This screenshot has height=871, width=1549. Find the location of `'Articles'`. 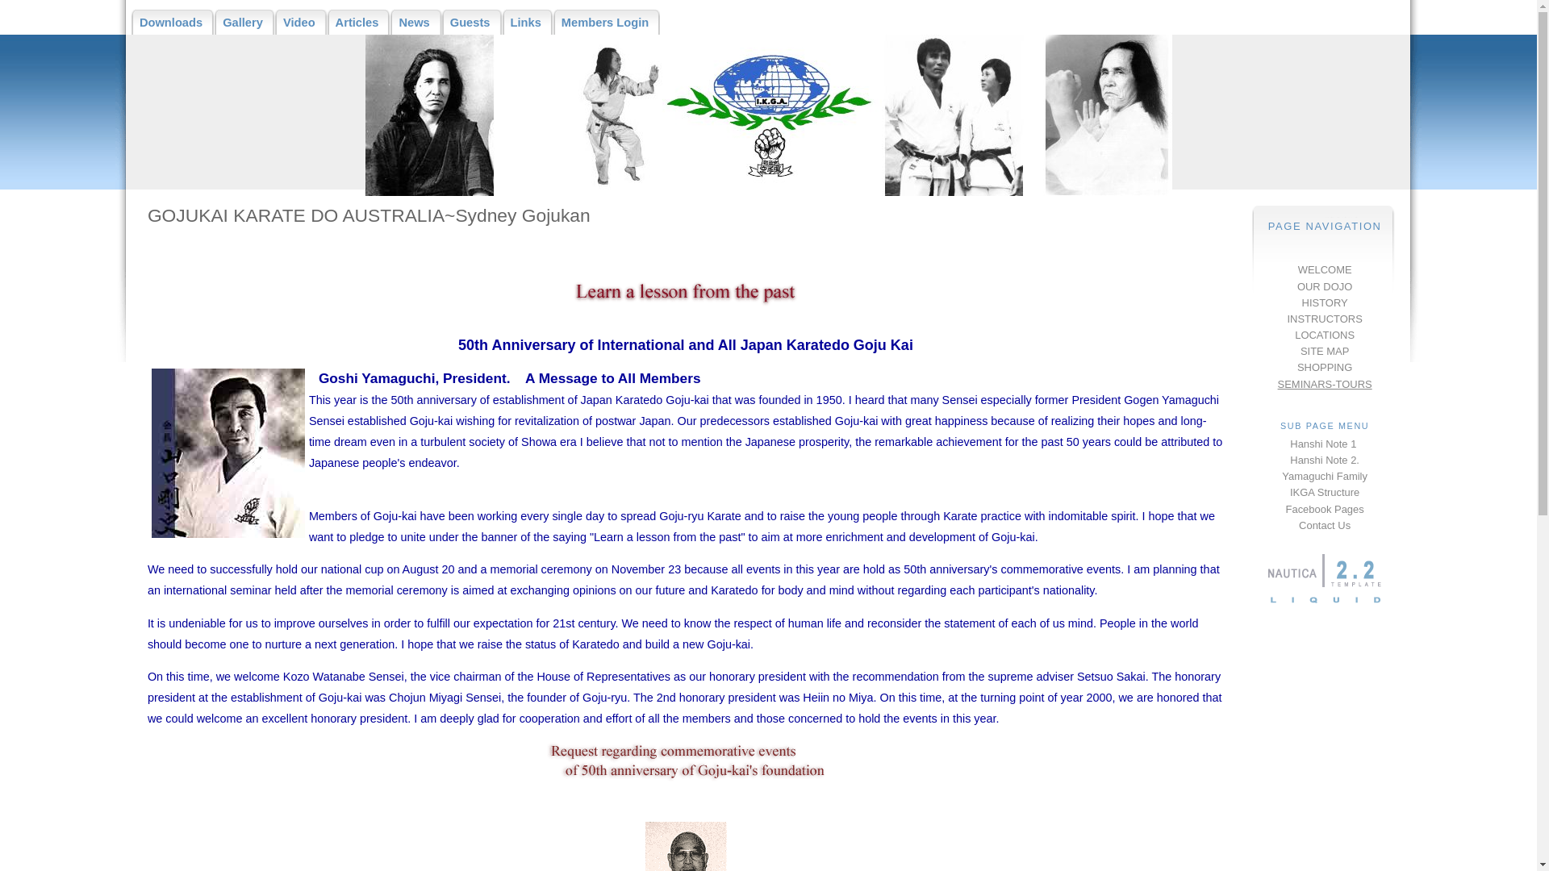

'Articles' is located at coordinates (358, 22).